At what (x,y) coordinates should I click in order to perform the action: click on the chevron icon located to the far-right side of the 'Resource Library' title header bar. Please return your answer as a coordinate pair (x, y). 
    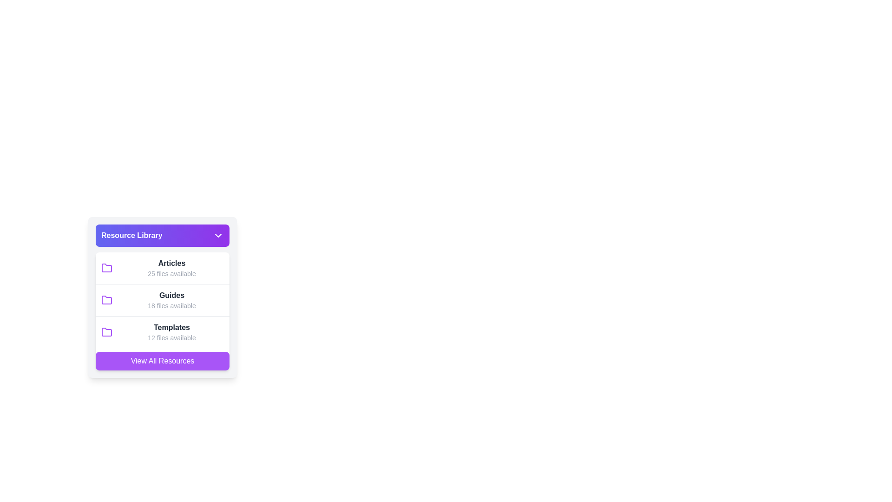
    Looking at the image, I should click on (218, 235).